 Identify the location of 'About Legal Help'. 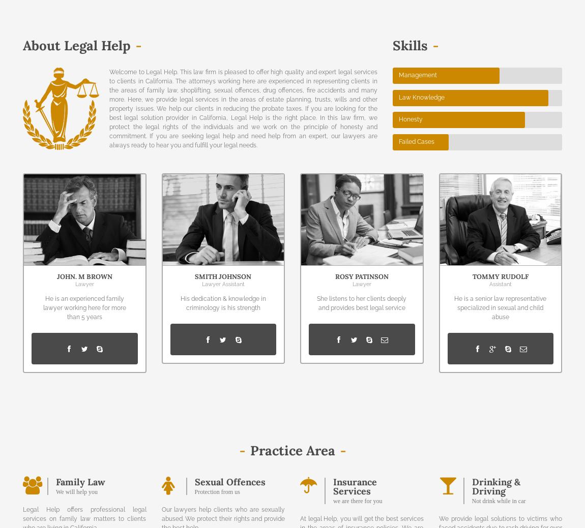
(76, 44).